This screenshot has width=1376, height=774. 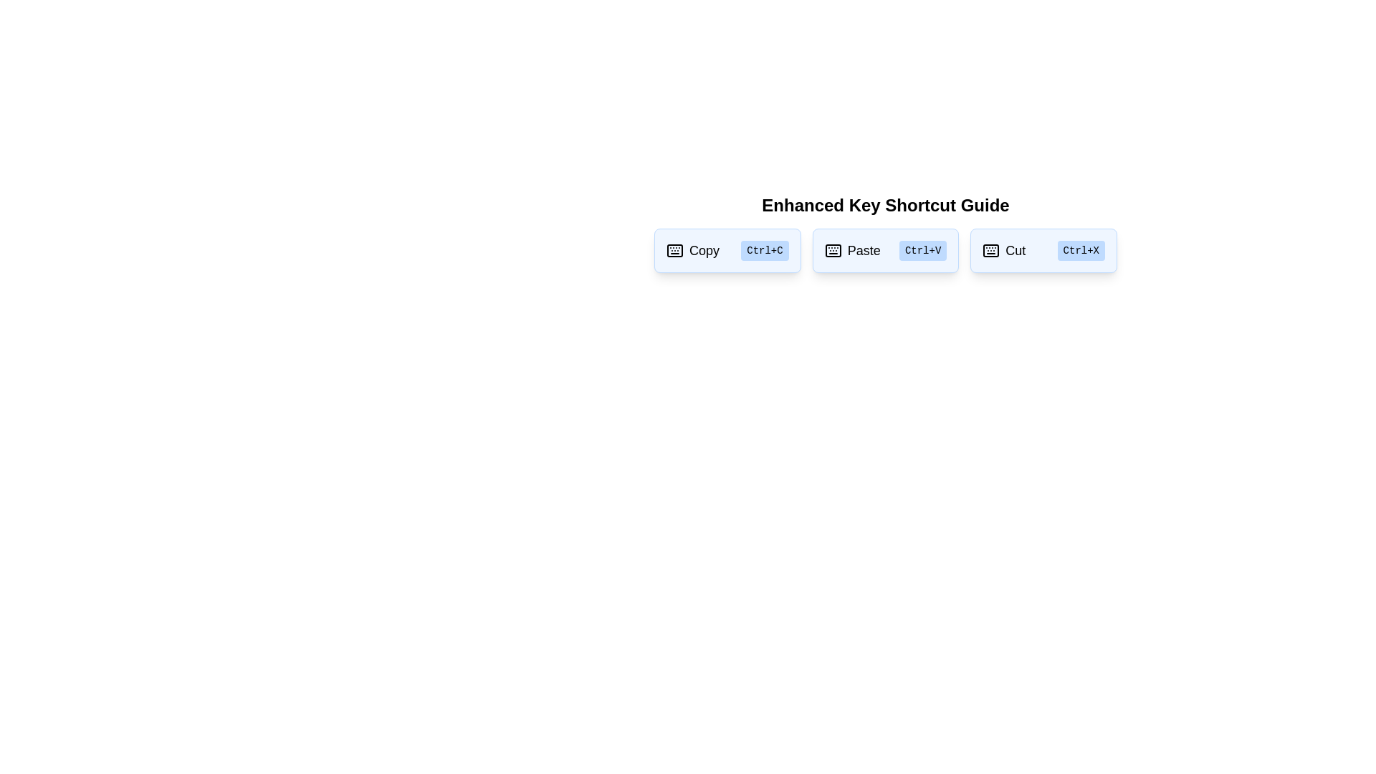 I want to click on the 'Paste' label, which is styled with a modern font and positioned between the 'Copy' and 'Cut' labels, next to a keyboard icon for context, so click(x=863, y=250).